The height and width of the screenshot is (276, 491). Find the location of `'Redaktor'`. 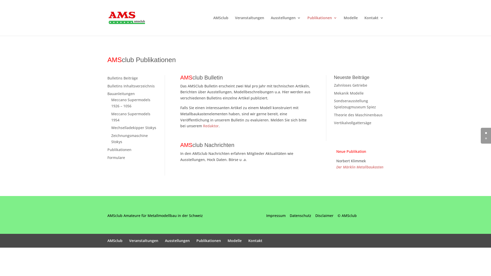

'Redaktor' is located at coordinates (203, 126).